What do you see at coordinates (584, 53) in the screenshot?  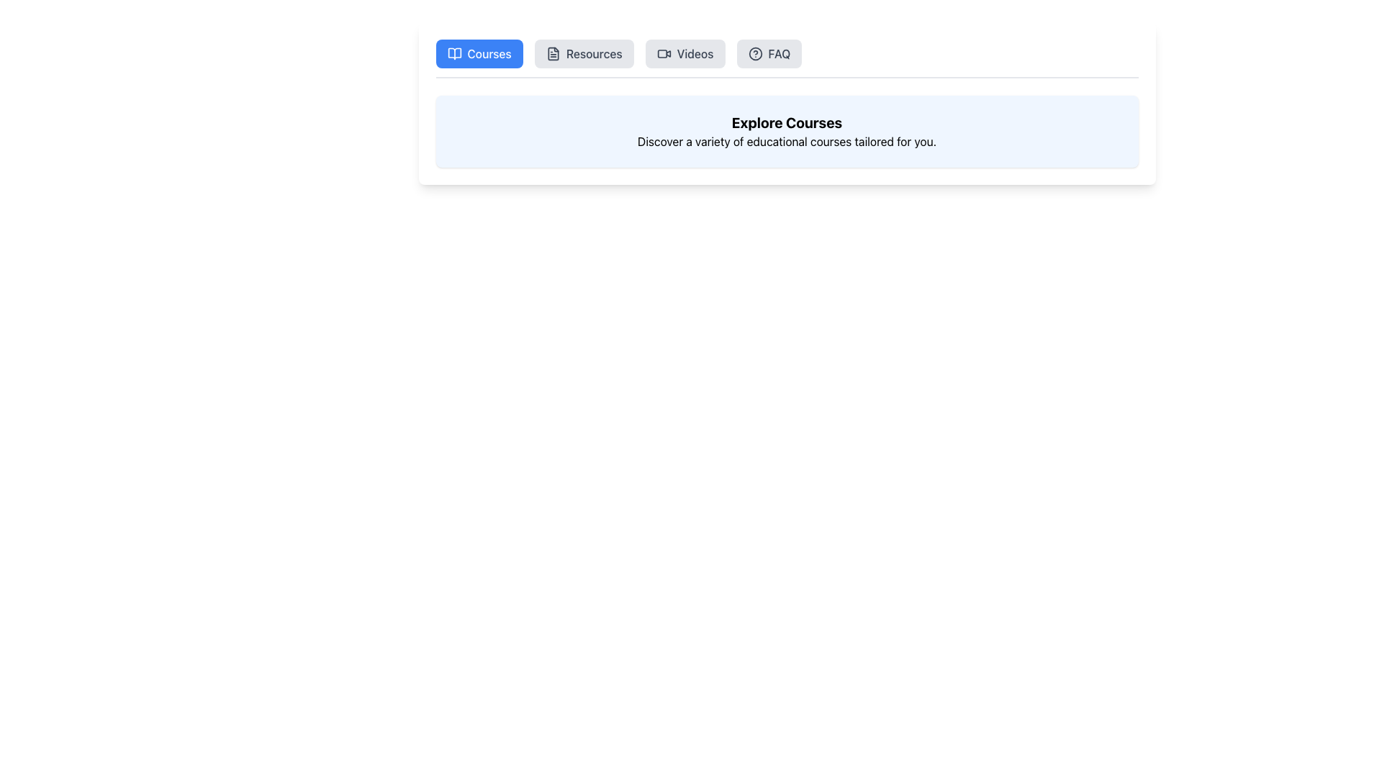 I see `the 'Resources' button located in the second position of the navigation bar to trigger a style change` at bounding box center [584, 53].